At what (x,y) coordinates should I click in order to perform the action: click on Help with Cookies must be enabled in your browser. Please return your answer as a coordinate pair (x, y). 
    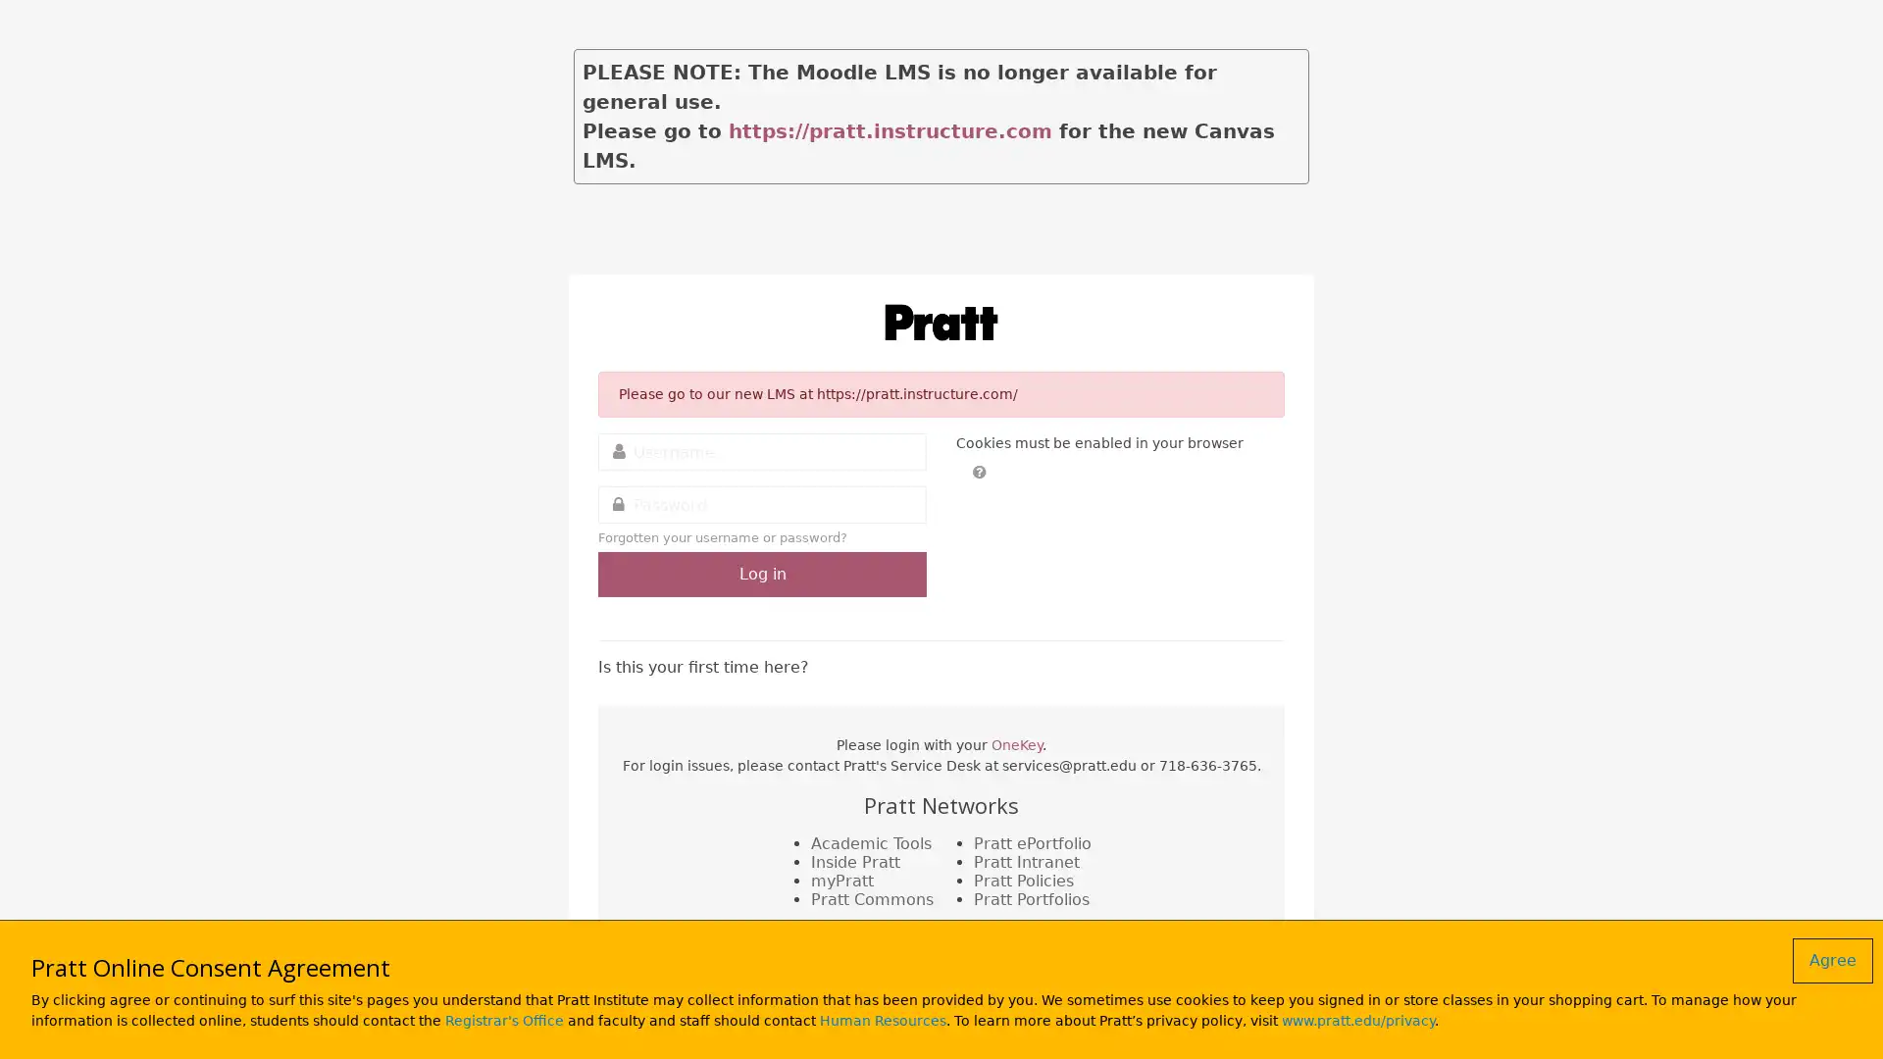
    Looking at the image, I should click on (982, 472).